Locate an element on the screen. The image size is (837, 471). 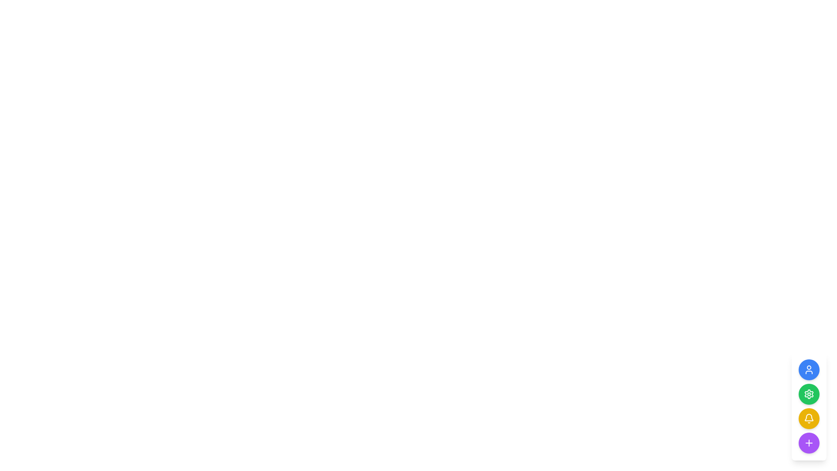
the cog icon located within the green circular button, which is the second button from the top in a vertical stack on the right side of the interface is located at coordinates (809, 394).